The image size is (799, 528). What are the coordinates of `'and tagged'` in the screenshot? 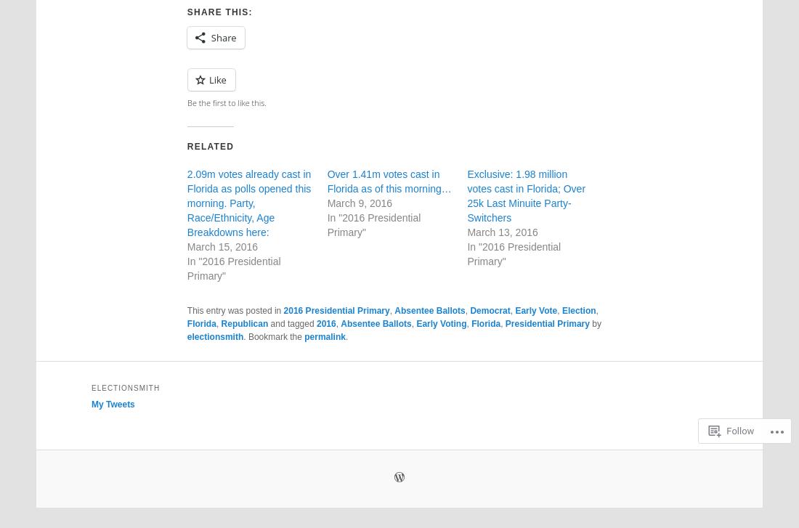 It's located at (292, 322).